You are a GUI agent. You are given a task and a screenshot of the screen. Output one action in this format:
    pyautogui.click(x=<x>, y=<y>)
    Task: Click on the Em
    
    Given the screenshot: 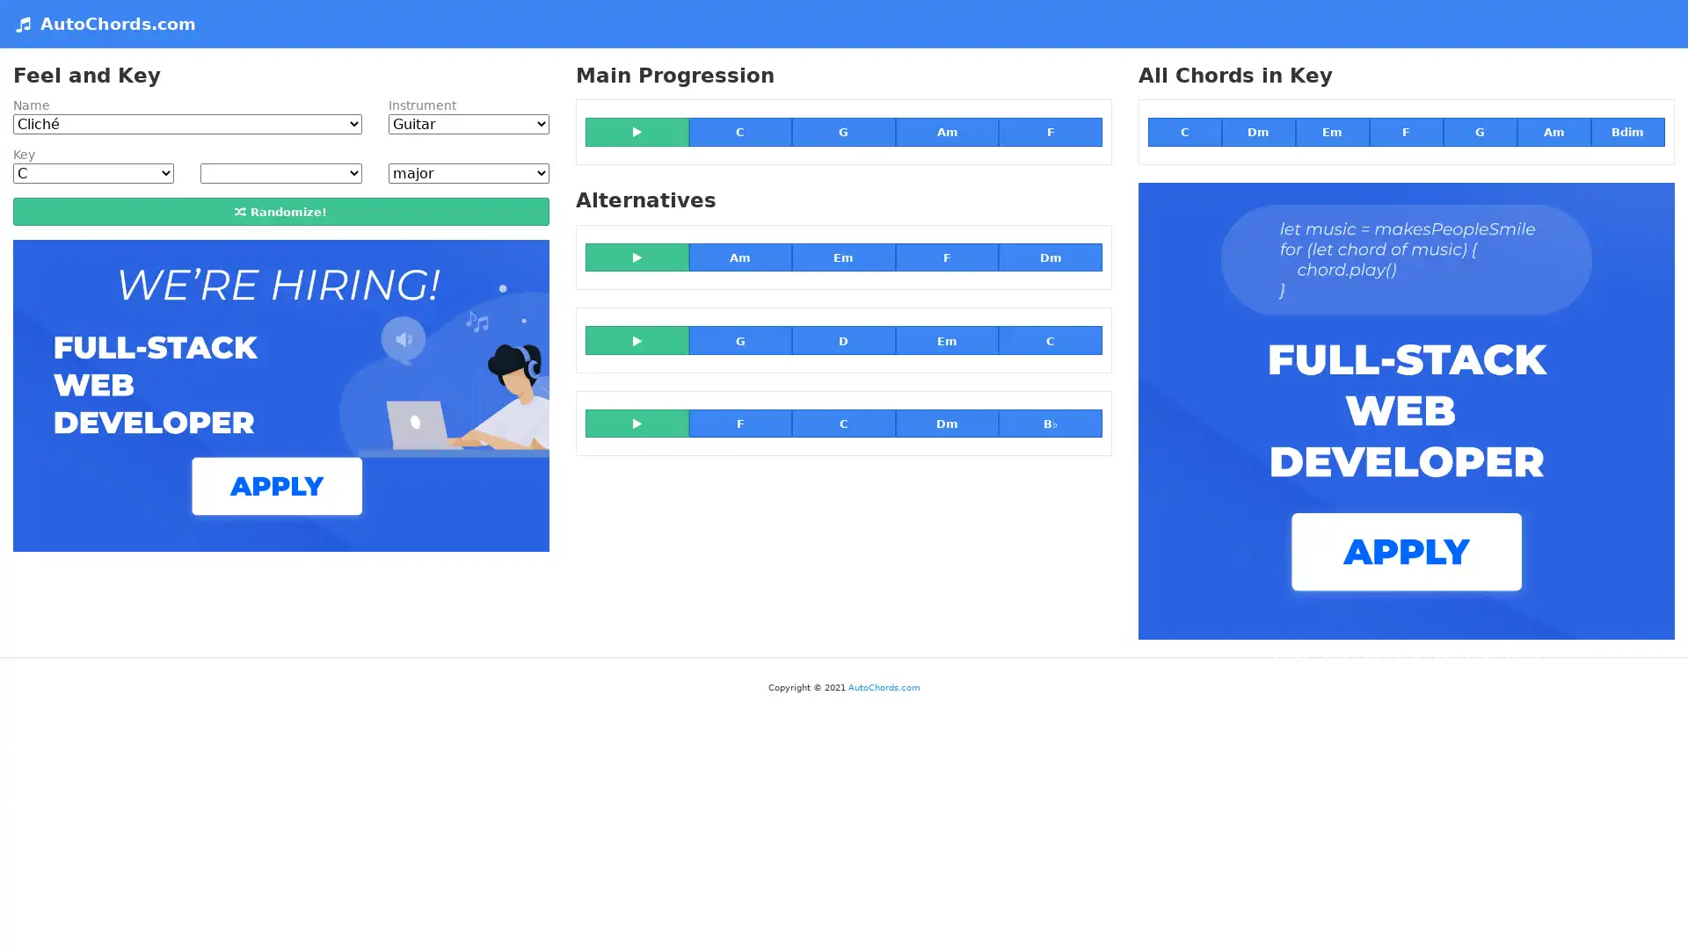 What is the action you would take?
    pyautogui.click(x=1332, y=131)
    